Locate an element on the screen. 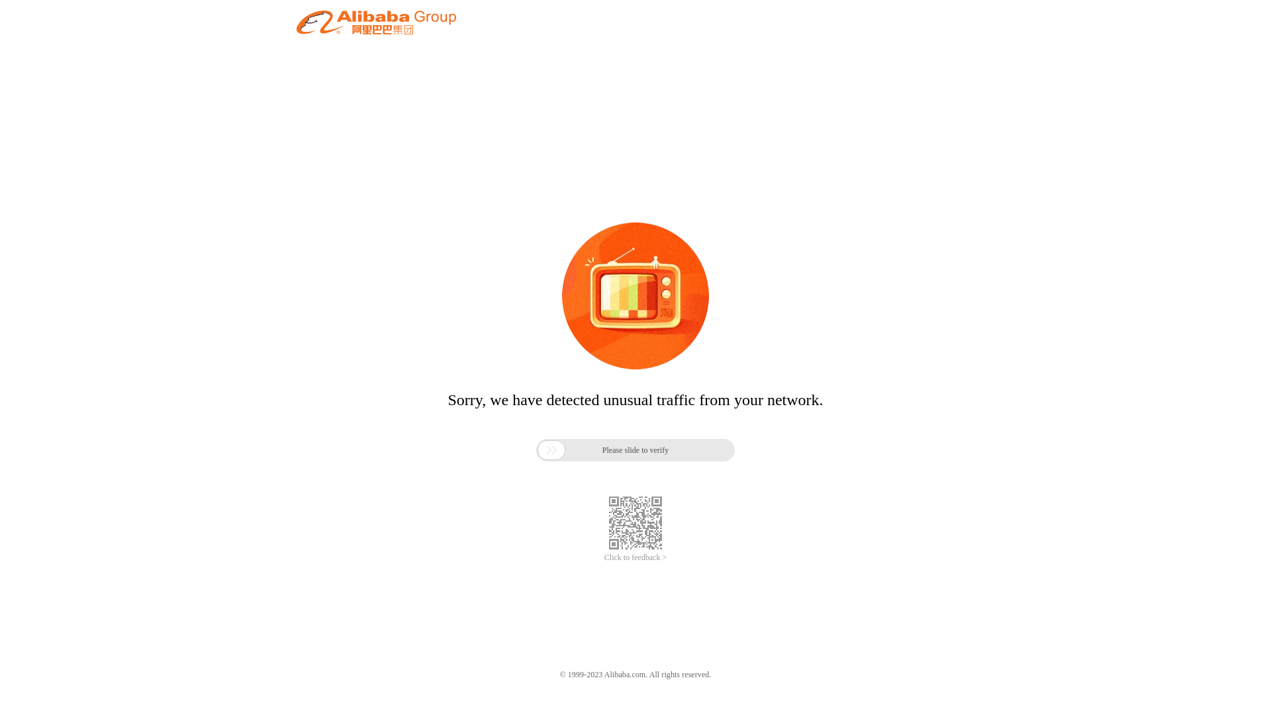 This screenshot has width=1271, height=715. 'Click to feedback >' is located at coordinates (635, 557).